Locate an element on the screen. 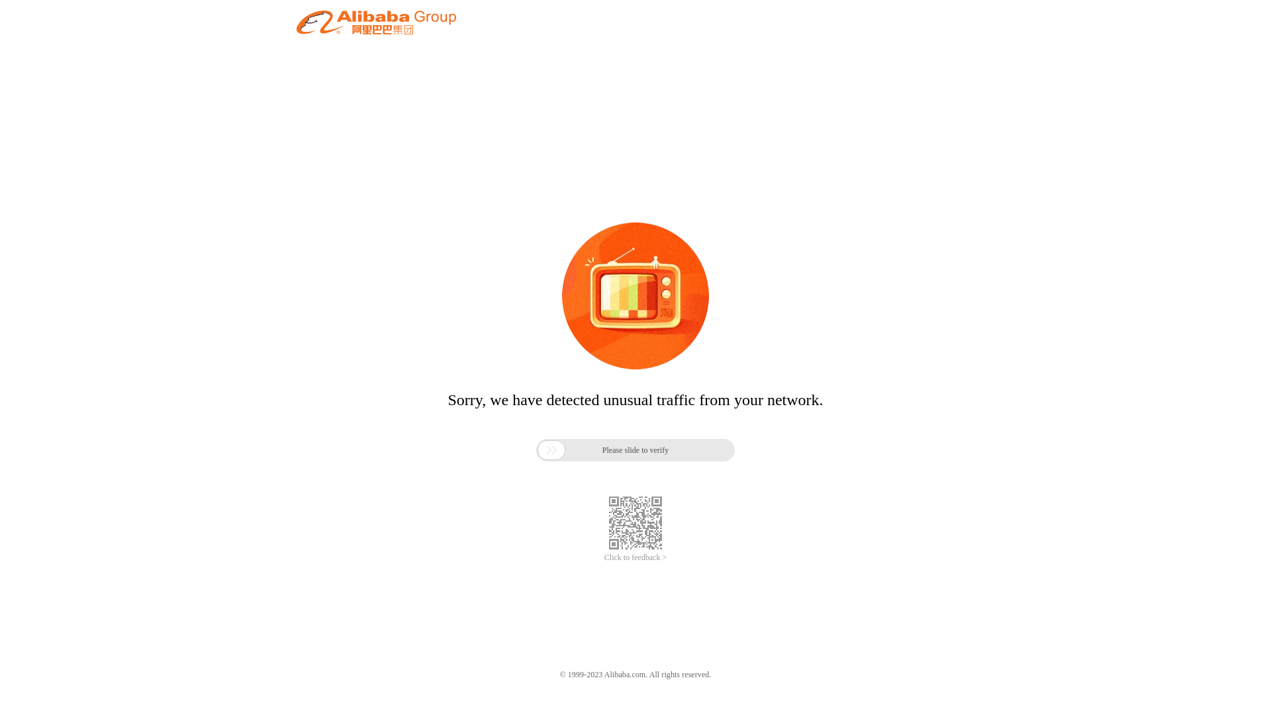 This screenshot has width=1271, height=715. 'Click to feedback >' is located at coordinates (635, 557).